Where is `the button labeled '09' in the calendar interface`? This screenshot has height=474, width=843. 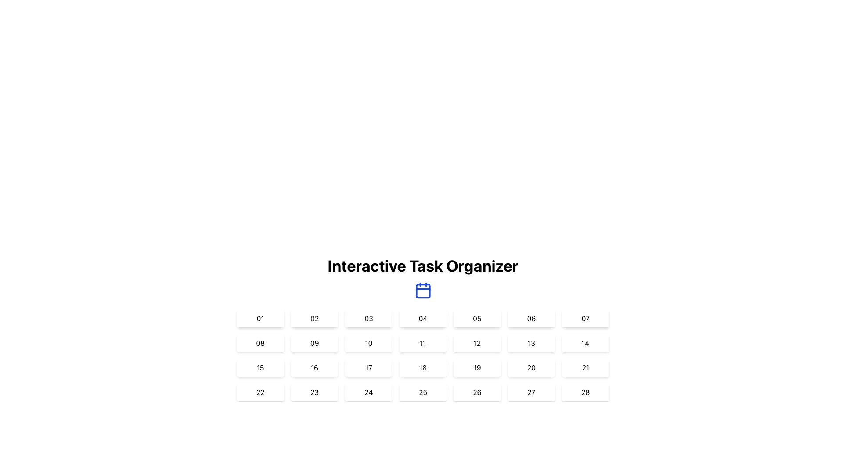
the button labeled '09' in the calendar interface is located at coordinates (314, 343).